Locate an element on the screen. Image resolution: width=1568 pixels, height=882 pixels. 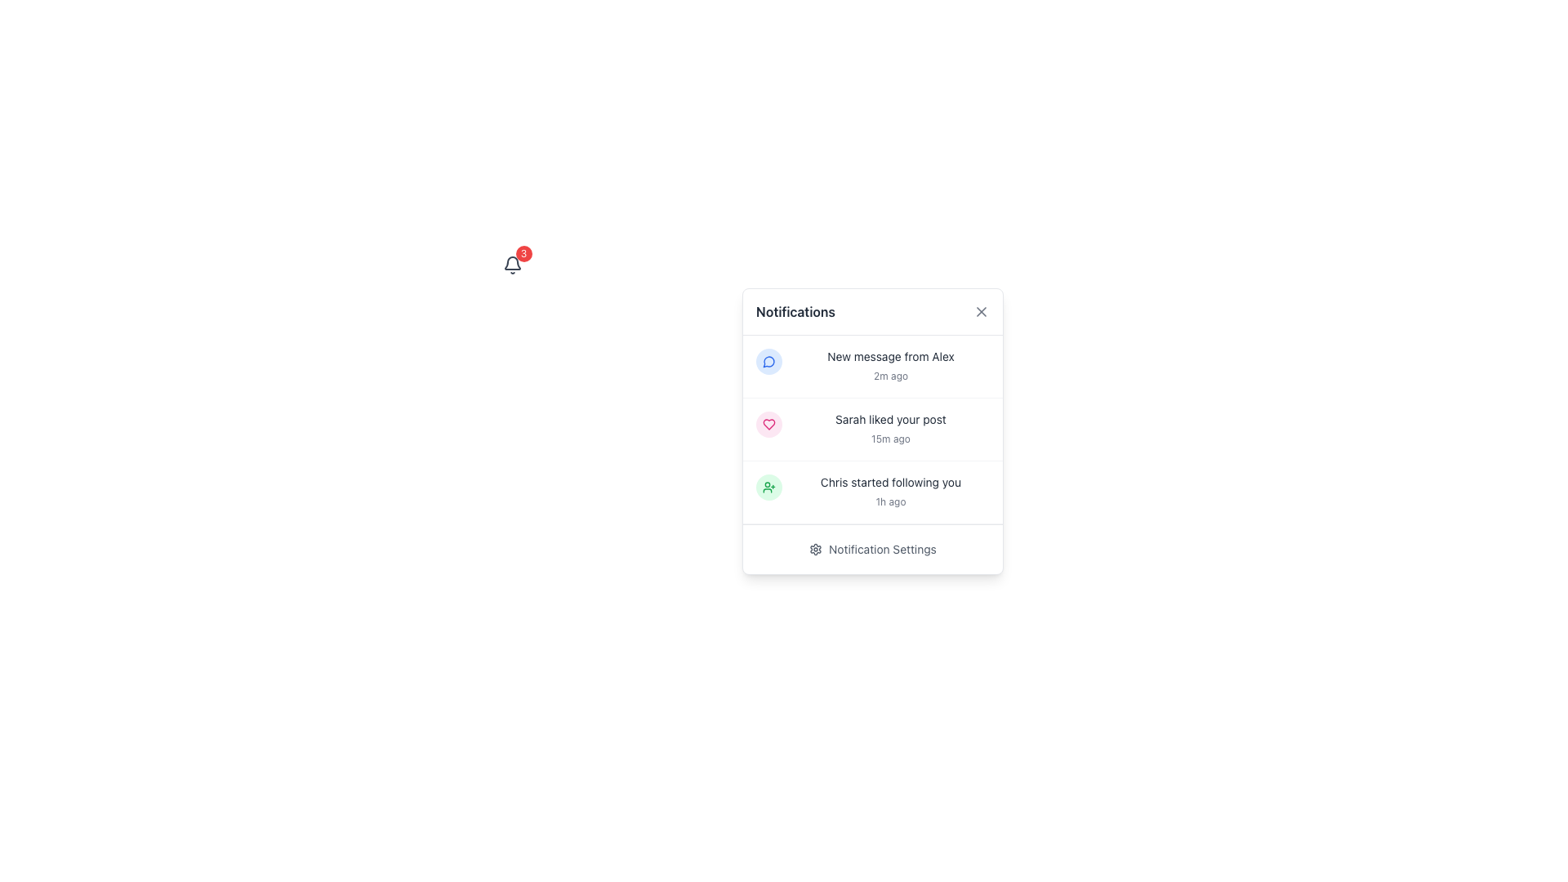
notification text 'Chris started following you' with the timestamp '1h ago' from the third item in the vertical list of notifications is located at coordinates (889, 491).